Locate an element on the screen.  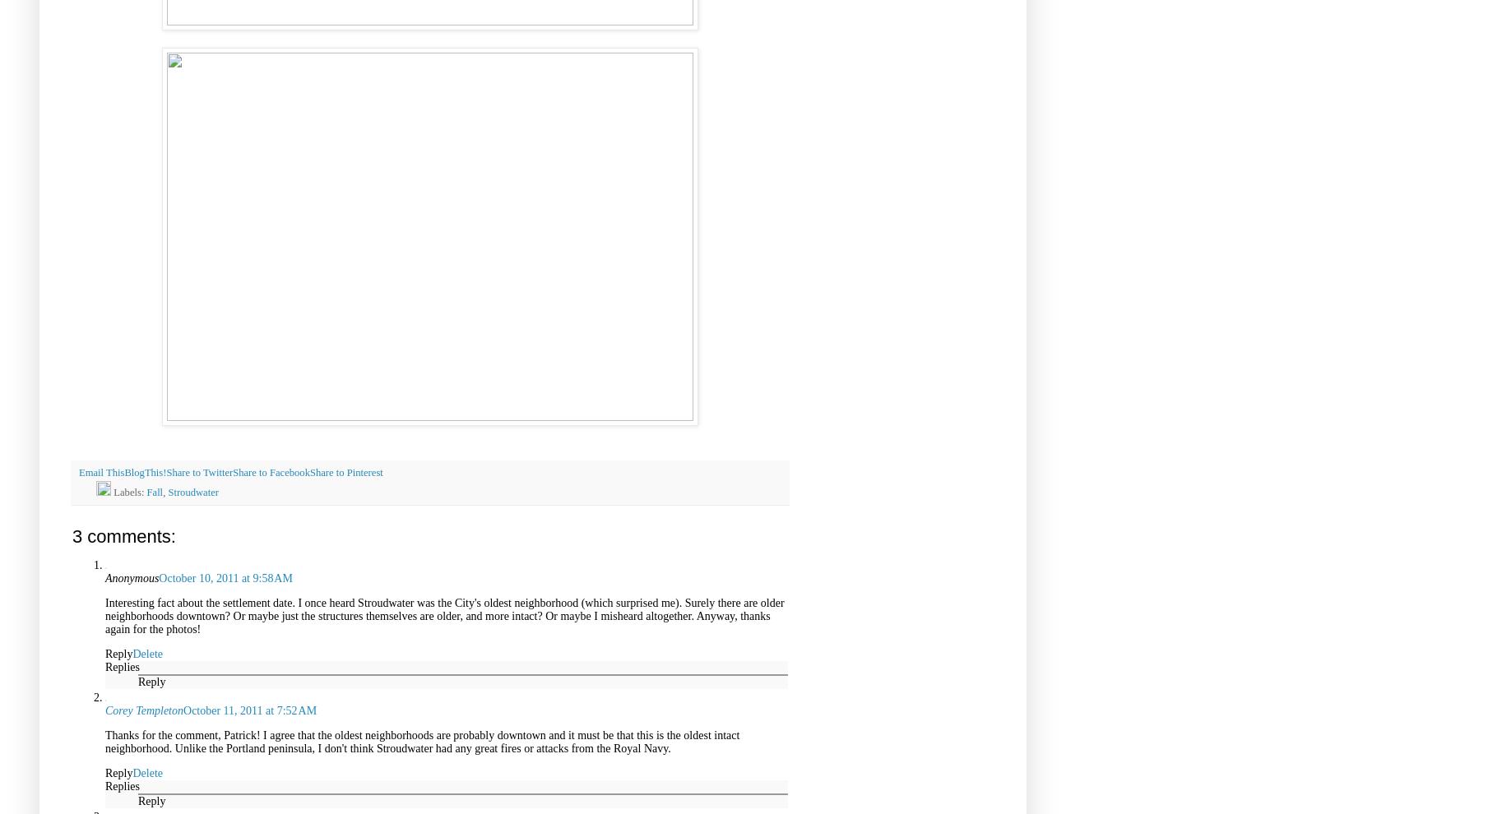
'Stroudwater' is located at coordinates (168, 490).